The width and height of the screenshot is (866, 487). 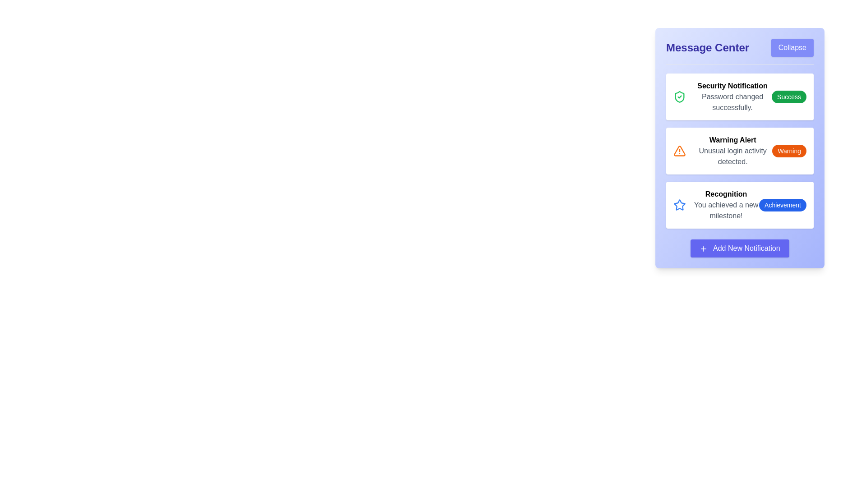 I want to click on text from the notification block displaying 'Security Notification' and 'Password changed successfully.' which is located in the center of the notification panel near its top section, so click(x=732, y=97).